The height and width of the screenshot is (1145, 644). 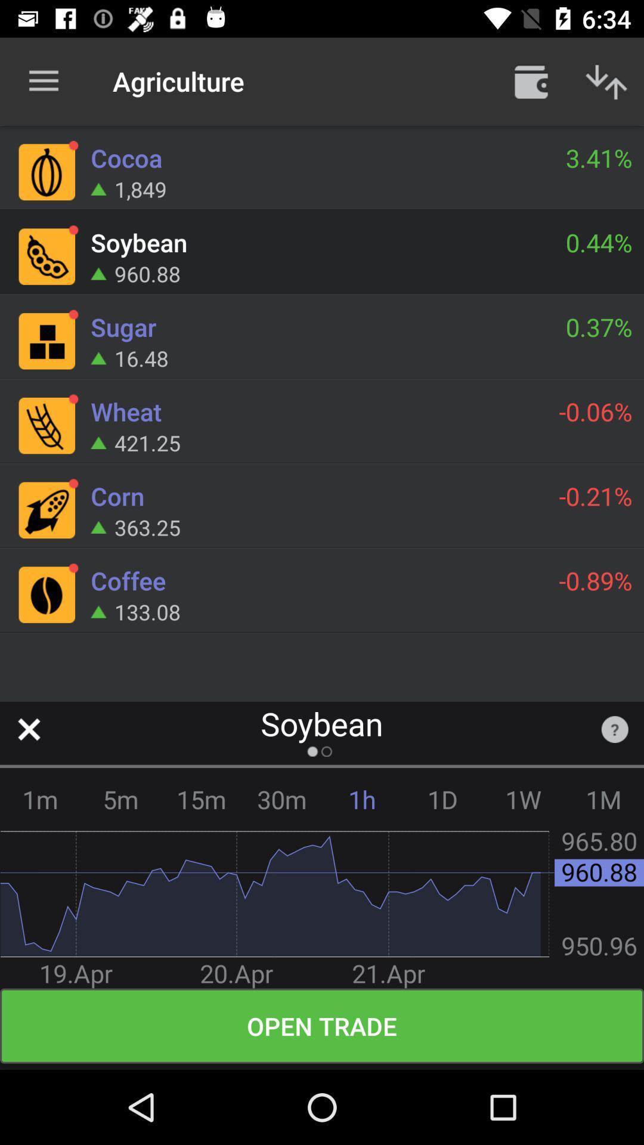 I want to click on help icon, so click(x=615, y=729).